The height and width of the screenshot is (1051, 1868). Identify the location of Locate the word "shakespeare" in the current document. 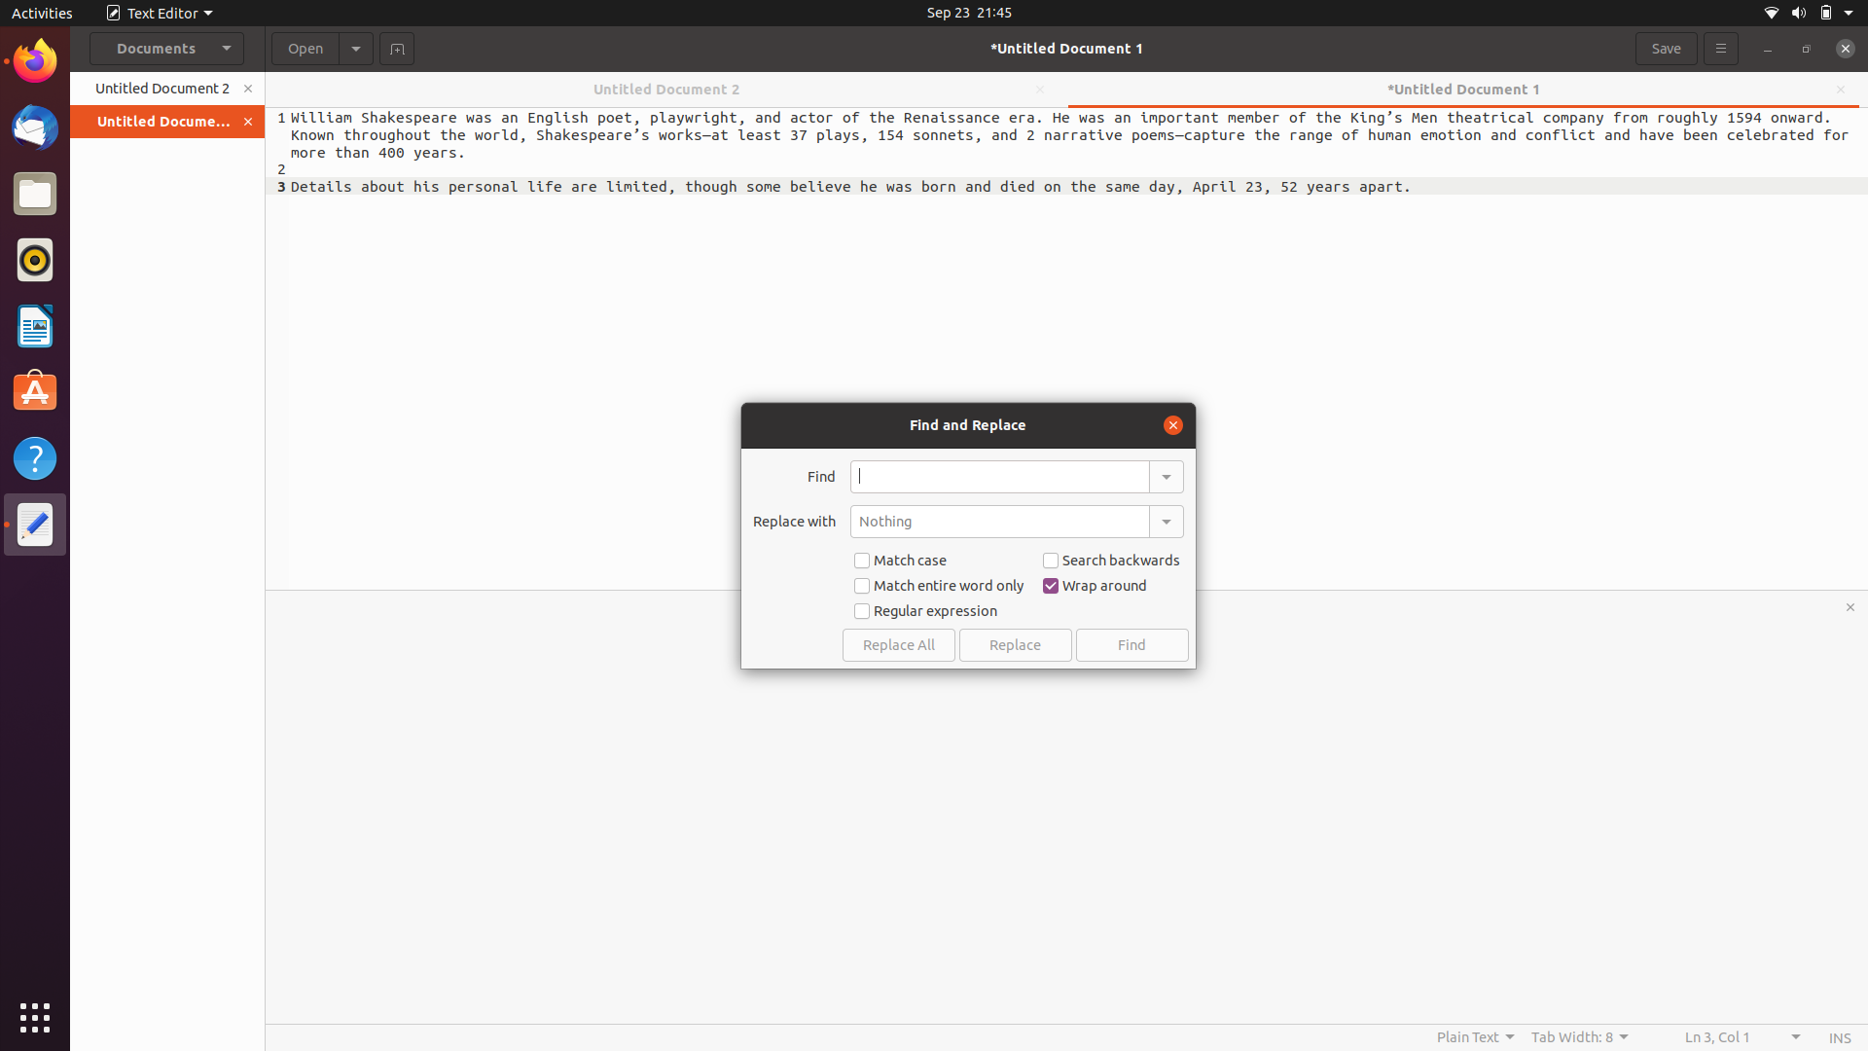
(999, 476).